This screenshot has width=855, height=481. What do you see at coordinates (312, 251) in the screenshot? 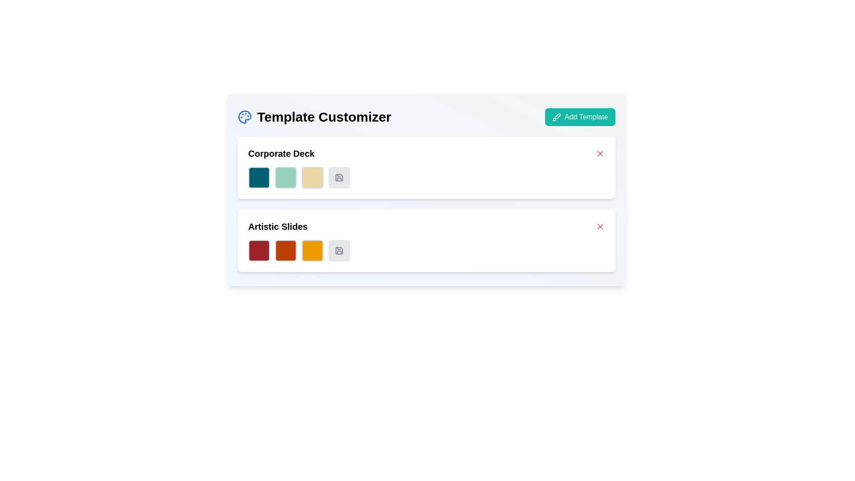
I see `the orange color selection square, which is the third element in the Artistic Slides section` at bounding box center [312, 251].